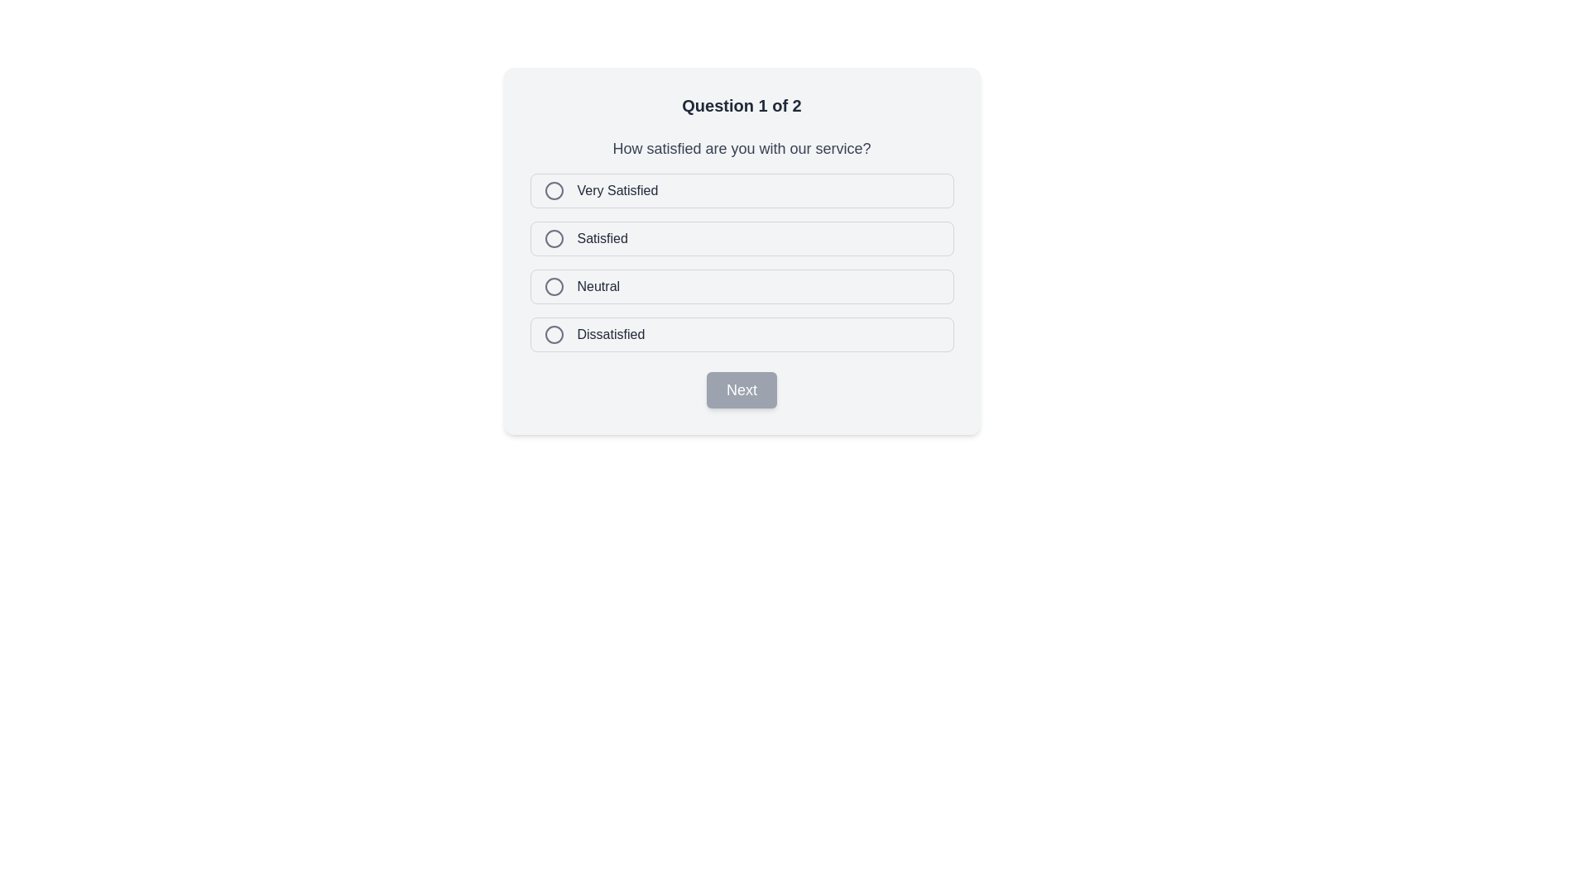  Describe the element at coordinates (598, 286) in the screenshot. I see `the text label describing the third selectable option in the questionnaire, which is located to the right of a circular radio button` at that location.